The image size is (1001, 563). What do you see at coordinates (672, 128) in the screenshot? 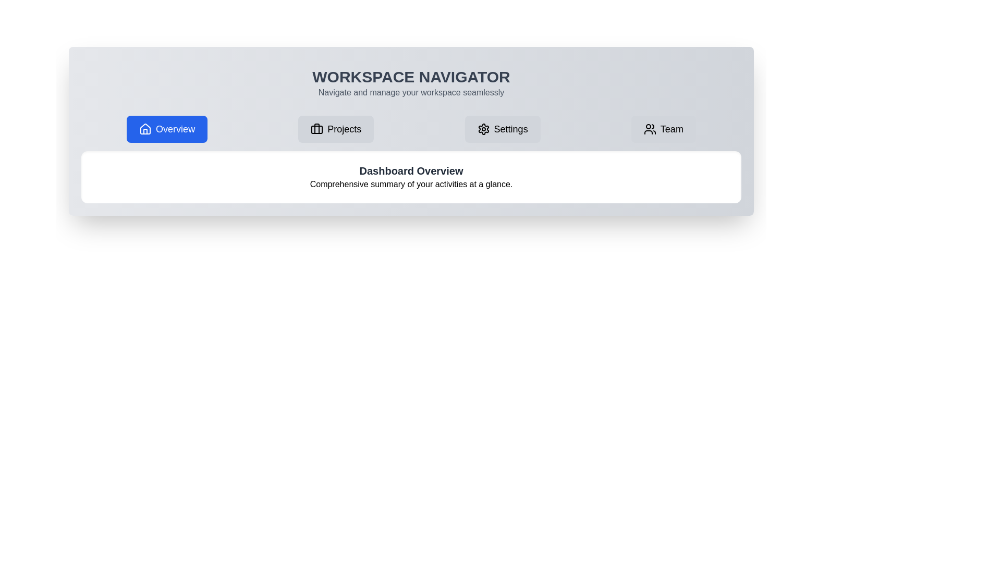
I see `the 'Team' text label located within the rightmost button of the navigation bar` at bounding box center [672, 128].